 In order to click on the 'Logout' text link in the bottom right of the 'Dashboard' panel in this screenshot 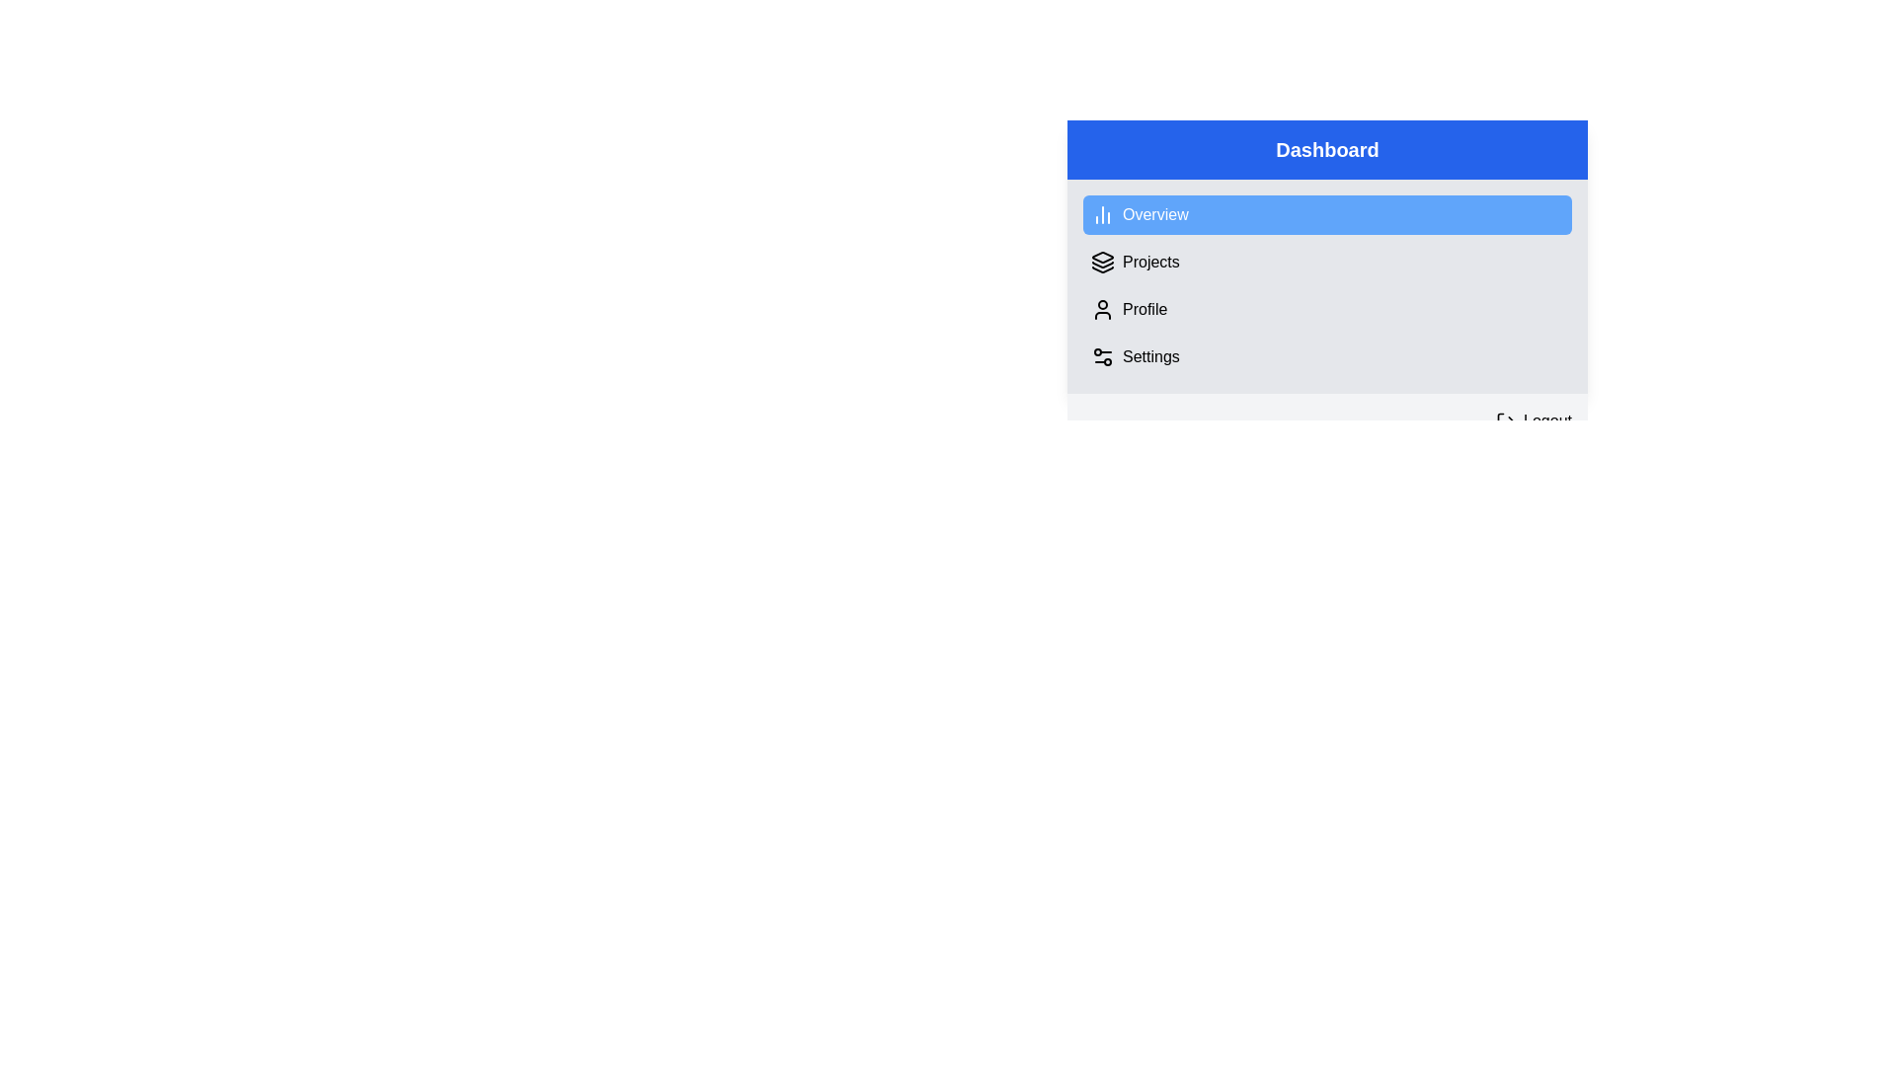, I will do `click(1546, 420)`.